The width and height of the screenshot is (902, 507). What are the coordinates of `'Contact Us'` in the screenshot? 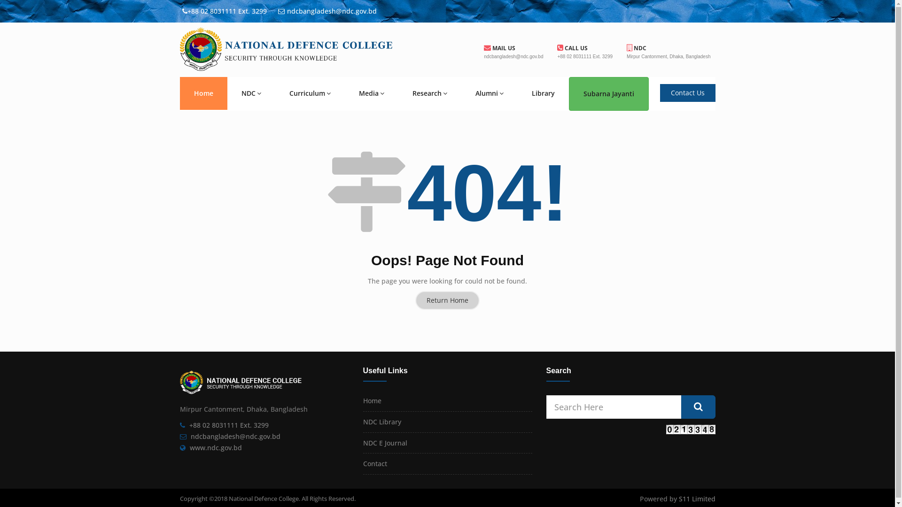 It's located at (659, 92).